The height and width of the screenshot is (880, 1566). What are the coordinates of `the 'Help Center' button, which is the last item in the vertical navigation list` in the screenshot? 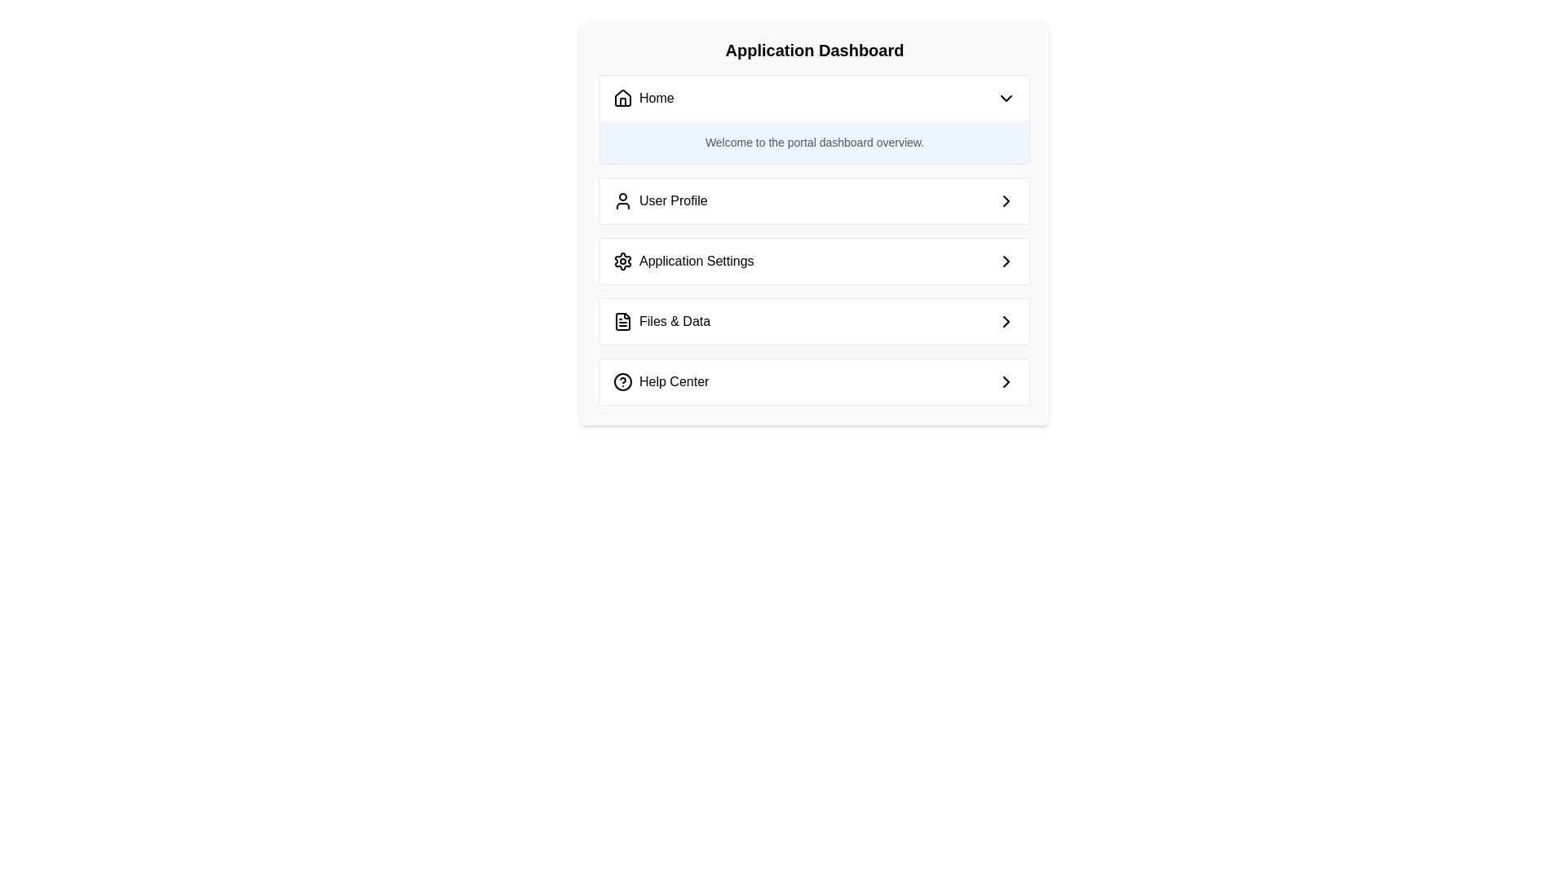 It's located at (814, 382).